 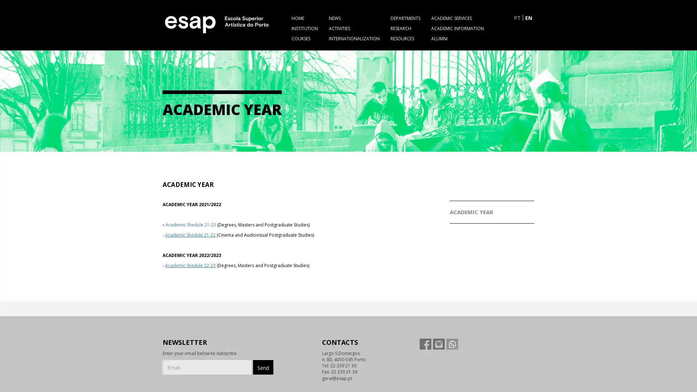 What do you see at coordinates (529, 17) in the screenshot?
I see `EN` at bounding box center [529, 17].